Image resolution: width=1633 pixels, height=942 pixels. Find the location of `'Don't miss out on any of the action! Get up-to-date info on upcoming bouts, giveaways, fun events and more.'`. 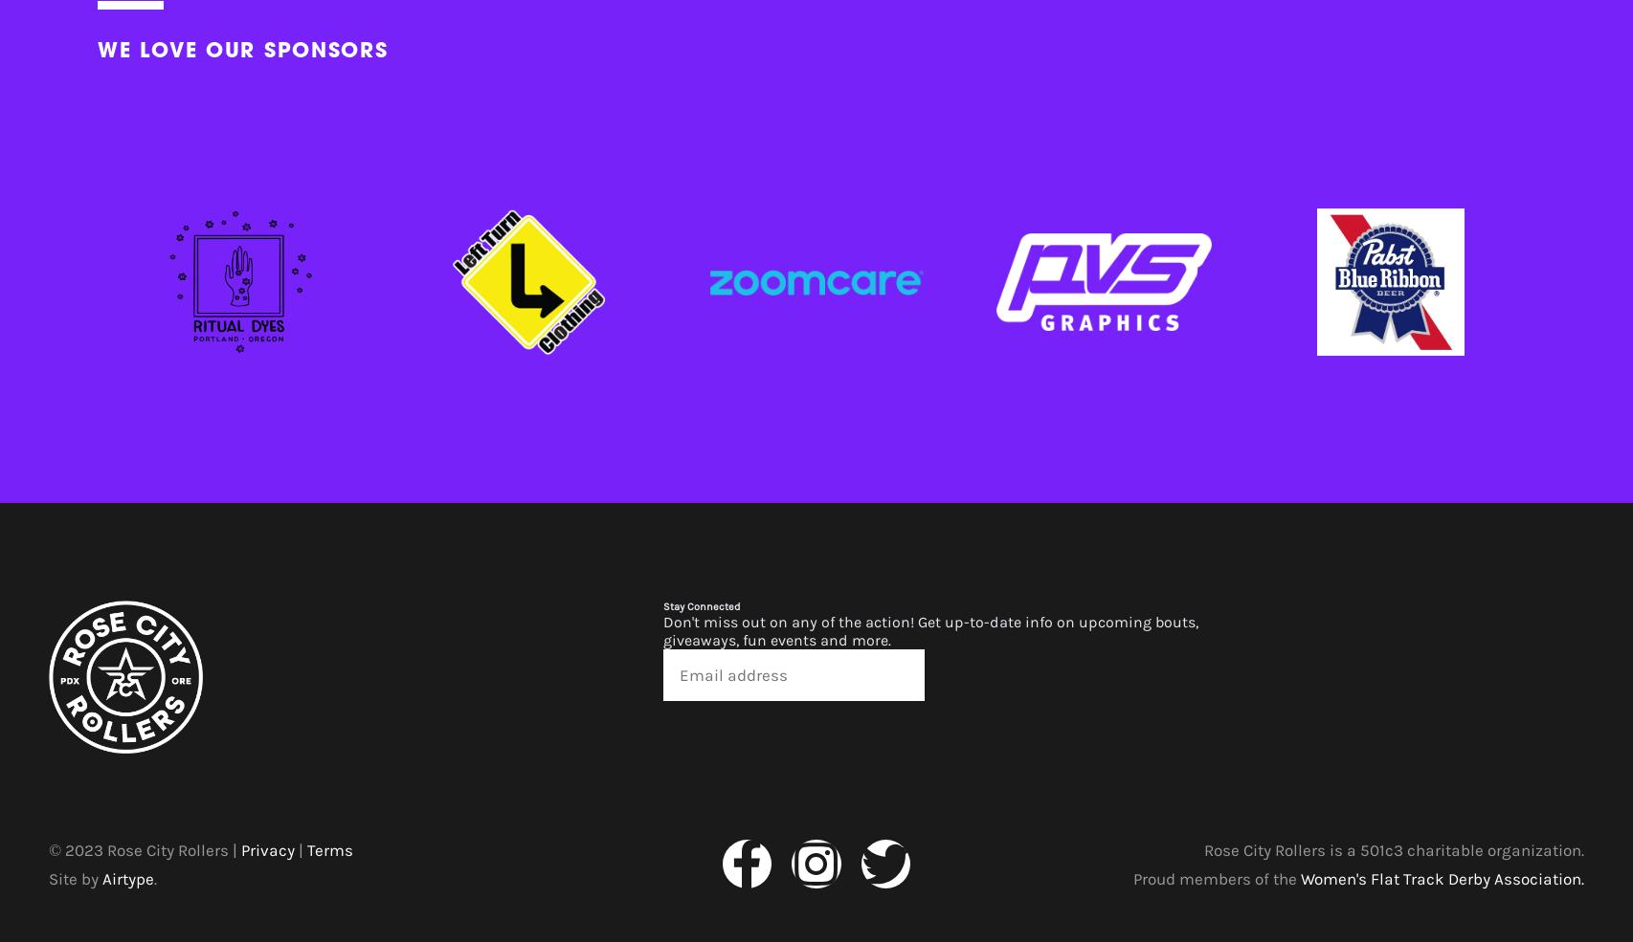

'Don't miss out on any of the action! Get up-to-date info on upcoming bouts, giveaways, fun events and more.' is located at coordinates (929, 628).